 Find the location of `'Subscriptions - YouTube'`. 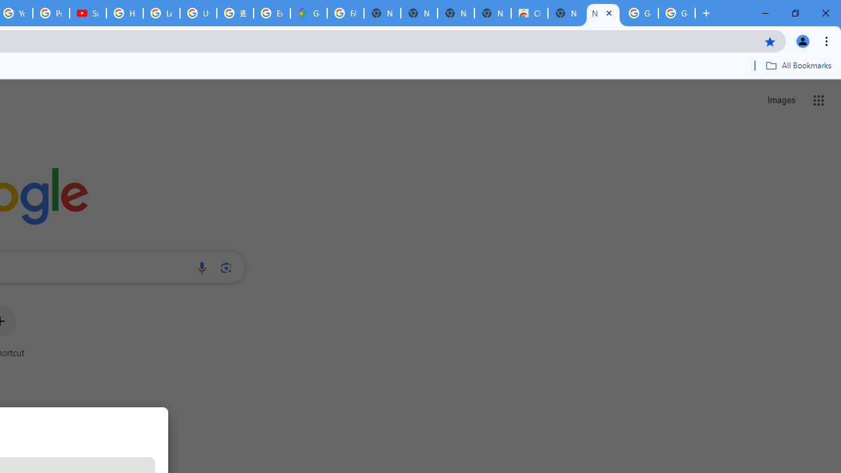

'Subscriptions - YouTube' is located at coordinates (87, 13).